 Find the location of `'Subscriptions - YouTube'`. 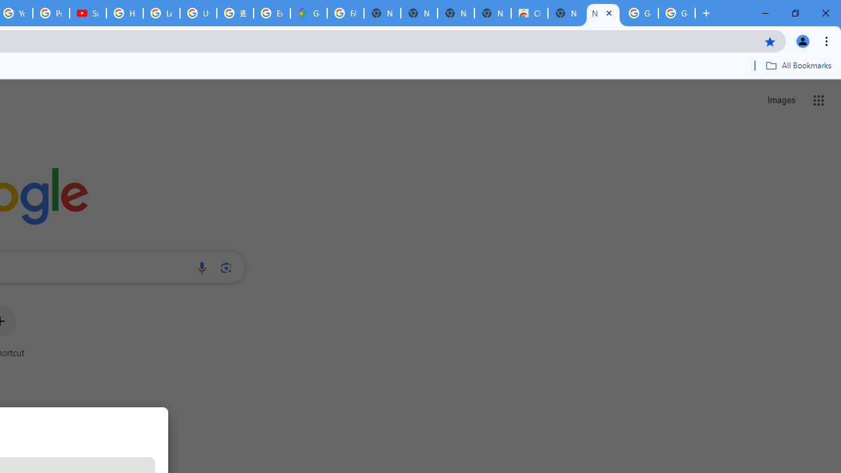

'Subscriptions - YouTube' is located at coordinates (87, 13).